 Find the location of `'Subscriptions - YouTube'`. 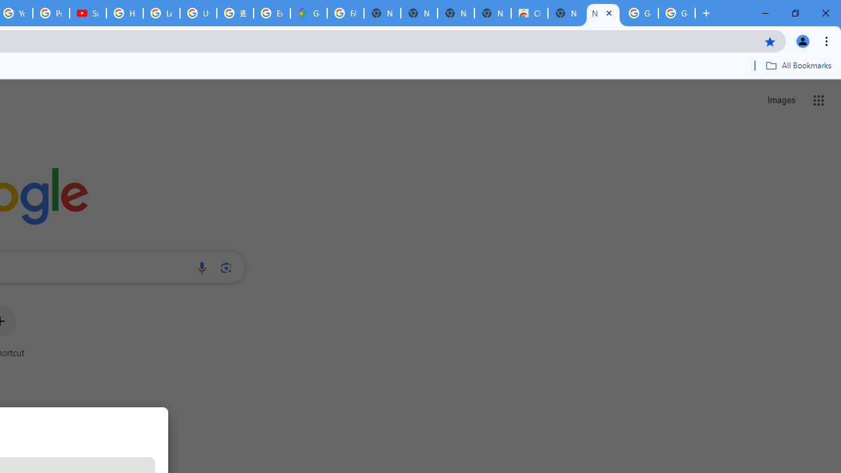

'Subscriptions - YouTube' is located at coordinates (87, 13).